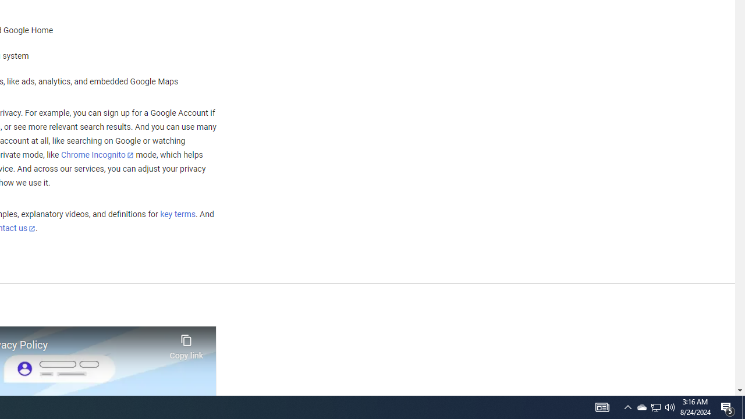  What do you see at coordinates (177, 214) in the screenshot?
I see `'key terms'` at bounding box center [177, 214].